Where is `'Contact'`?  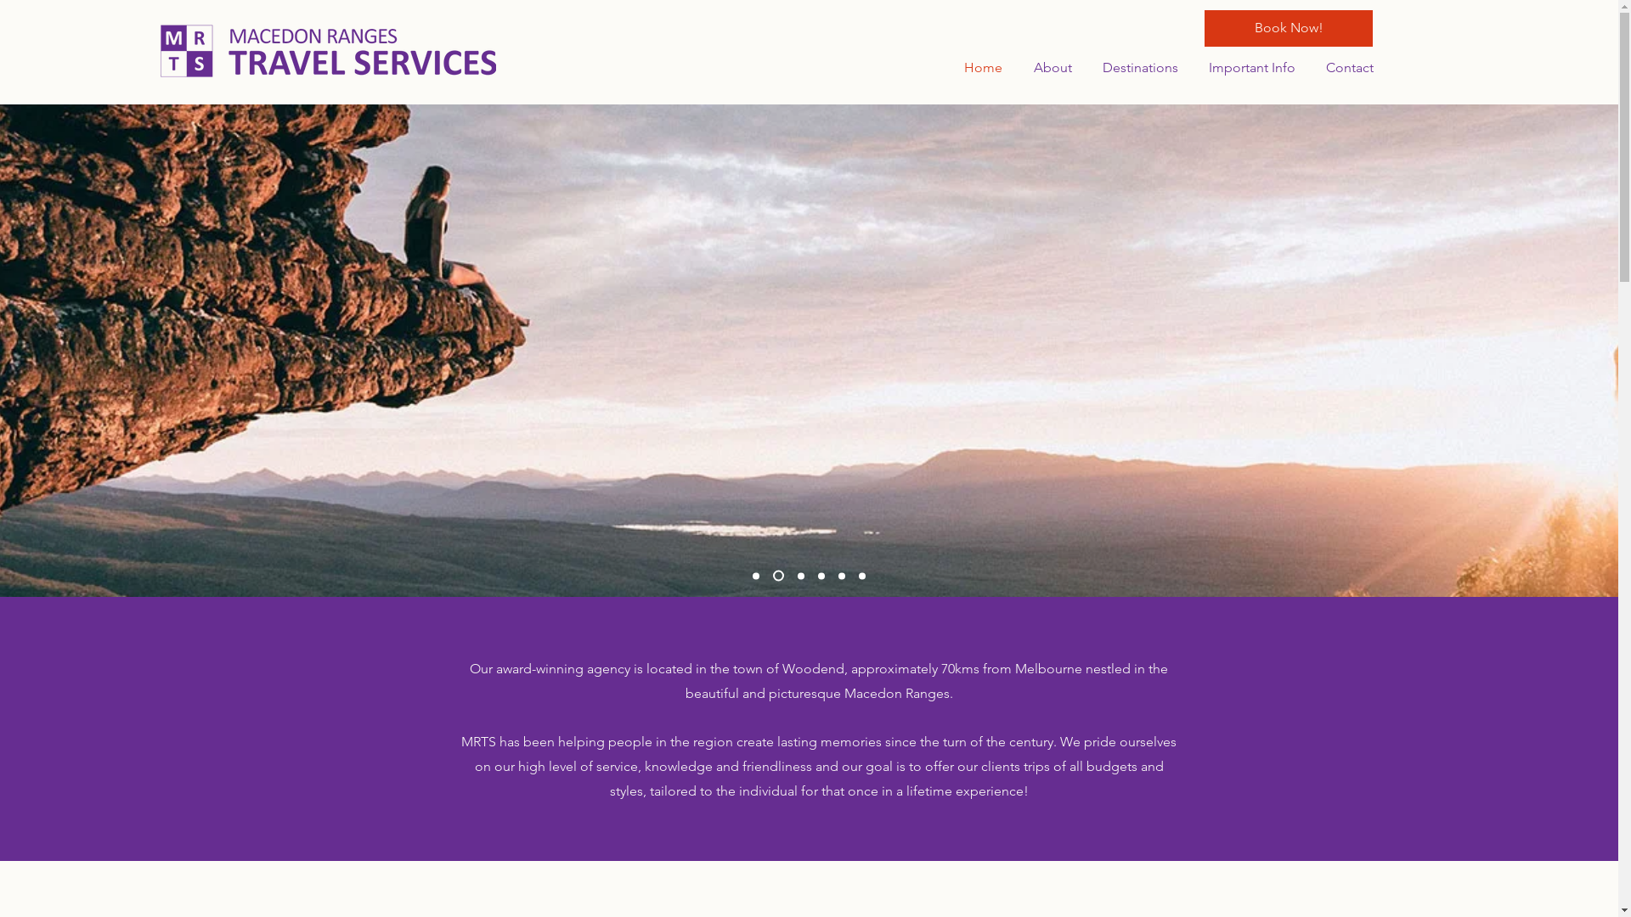
'Contact' is located at coordinates (1346, 67).